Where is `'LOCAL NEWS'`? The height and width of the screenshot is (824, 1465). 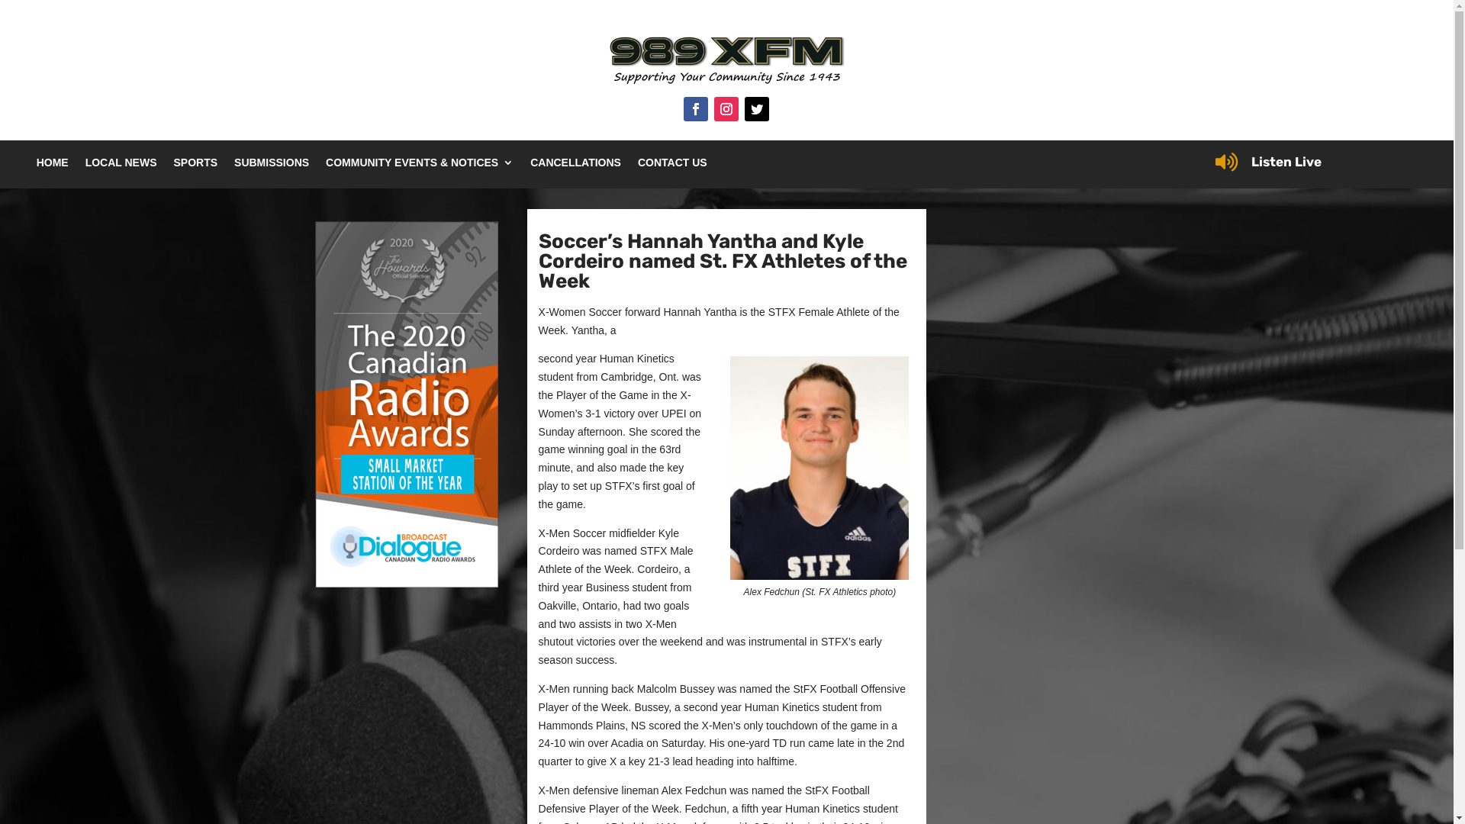
'LOCAL NEWS' is located at coordinates (120, 165).